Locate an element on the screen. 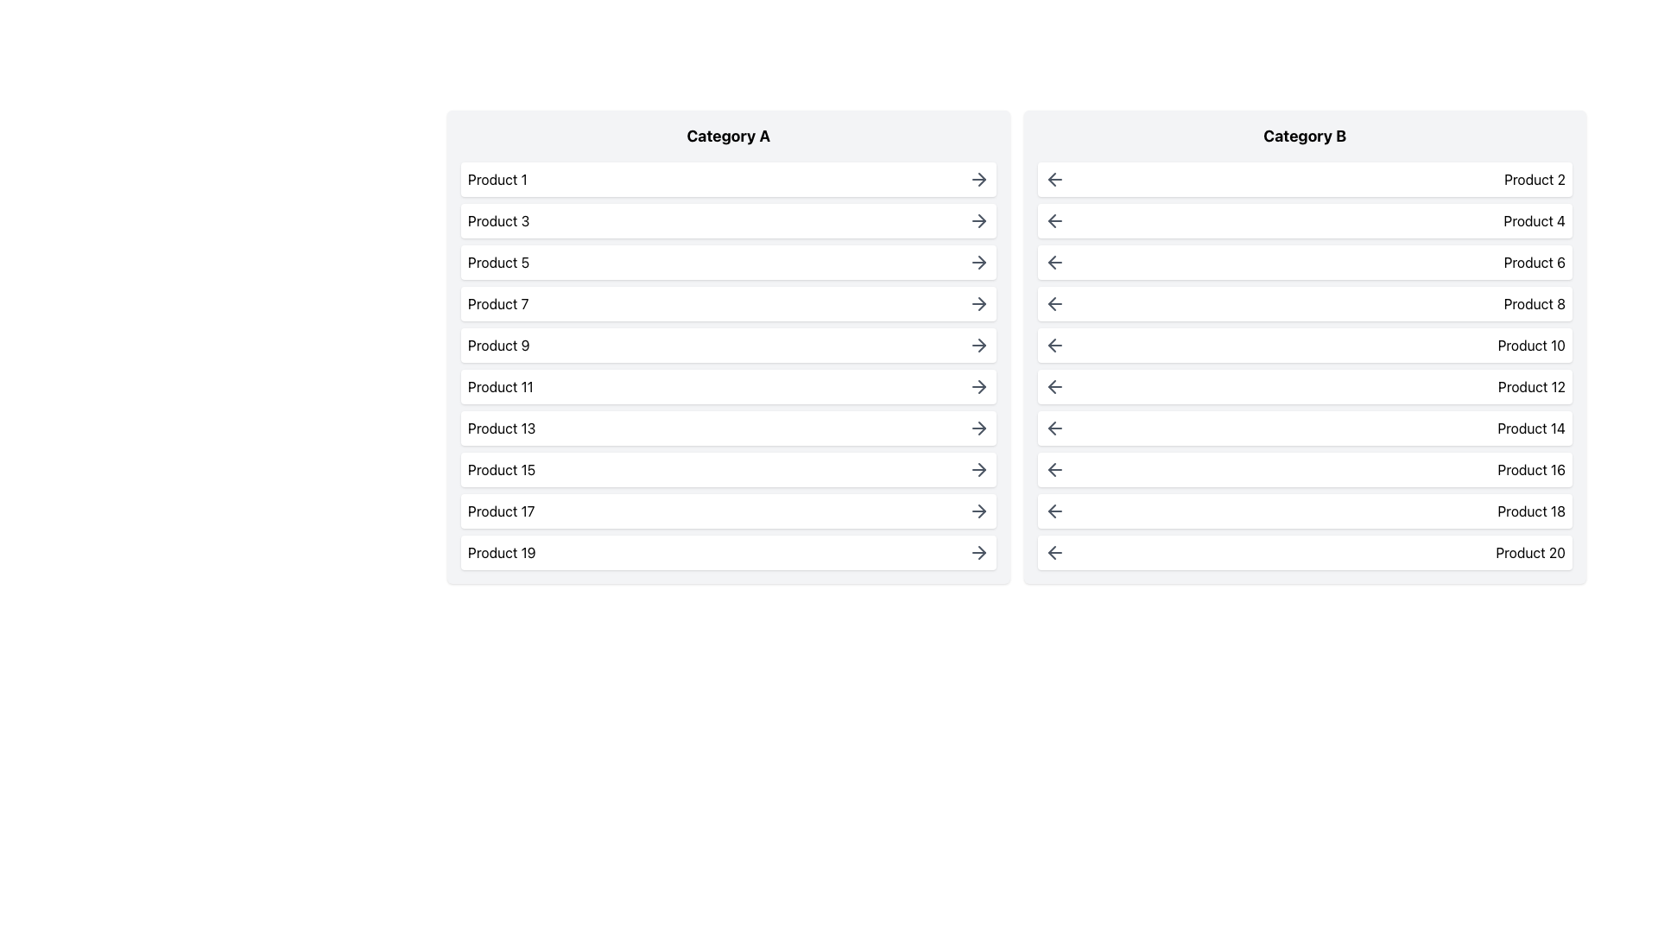 The height and width of the screenshot is (933, 1658). the forward action icon button located in the right-hand column of 'Category A' aligned with 'Product 13' is located at coordinates (982, 428).